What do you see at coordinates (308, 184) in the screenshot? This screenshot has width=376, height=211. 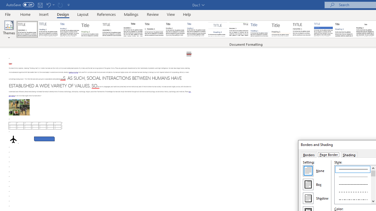 I see `'Box'` at bounding box center [308, 184].